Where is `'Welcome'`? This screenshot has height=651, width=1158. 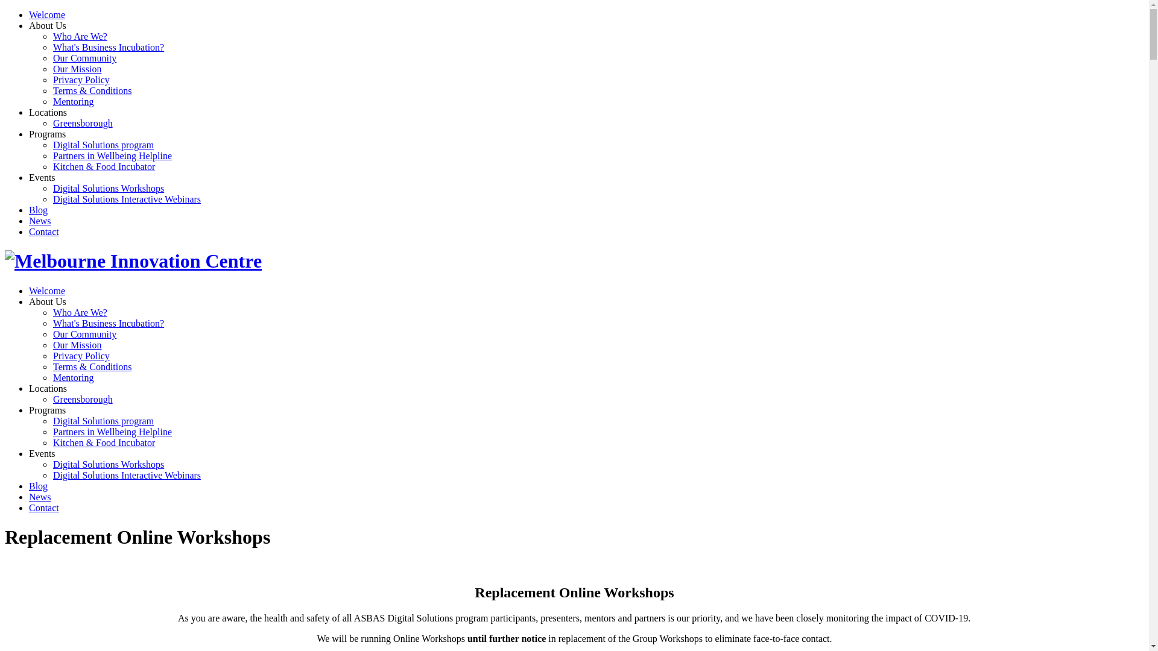
'Welcome' is located at coordinates (46, 14).